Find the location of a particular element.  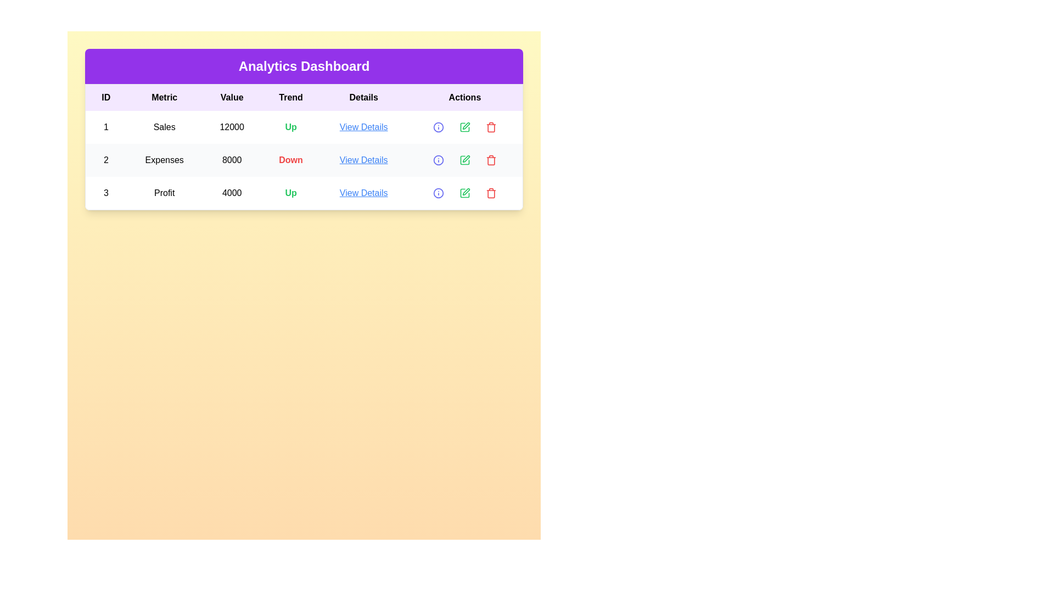

the trash icon button in the 'Actions' column of the second row is located at coordinates (490, 160).